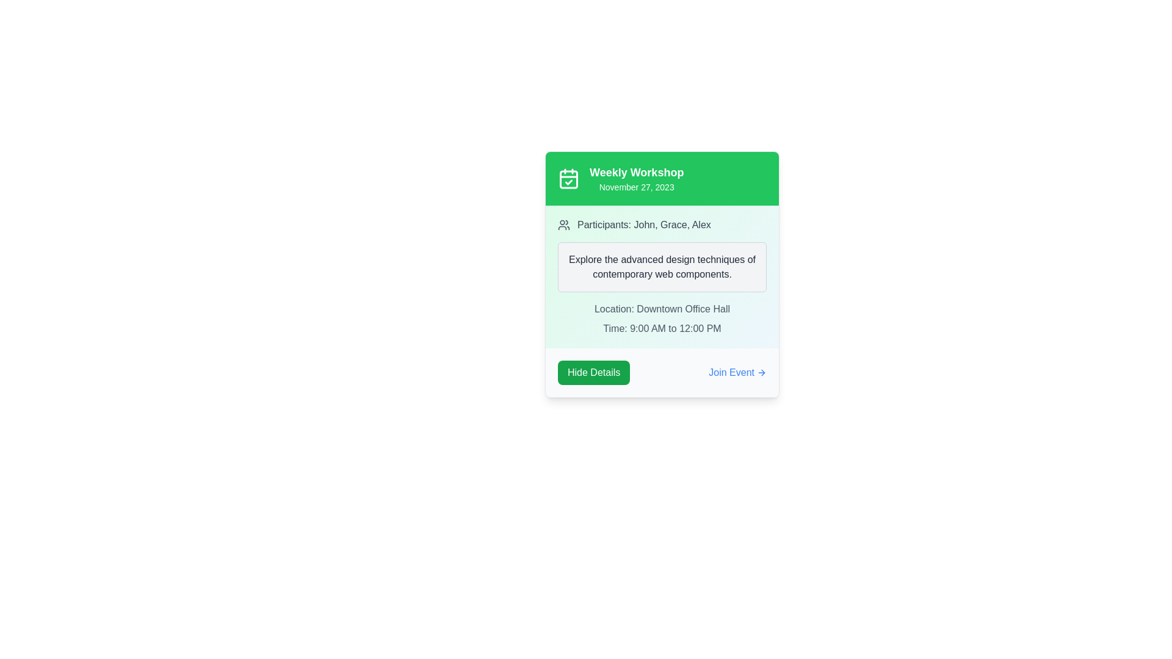 Image resolution: width=1172 pixels, height=659 pixels. What do you see at coordinates (661, 225) in the screenshot?
I see `the label displaying 'Participants: John, Grace, Alex' which includes an icon of a group of people on its left` at bounding box center [661, 225].